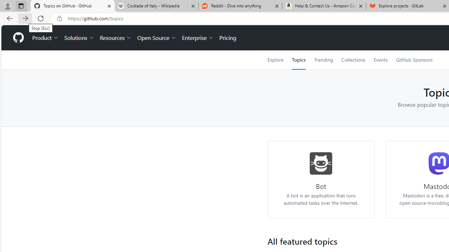  Describe the element at coordinates (116, 38) in the screenshot. I see `'Resources'` at that location.